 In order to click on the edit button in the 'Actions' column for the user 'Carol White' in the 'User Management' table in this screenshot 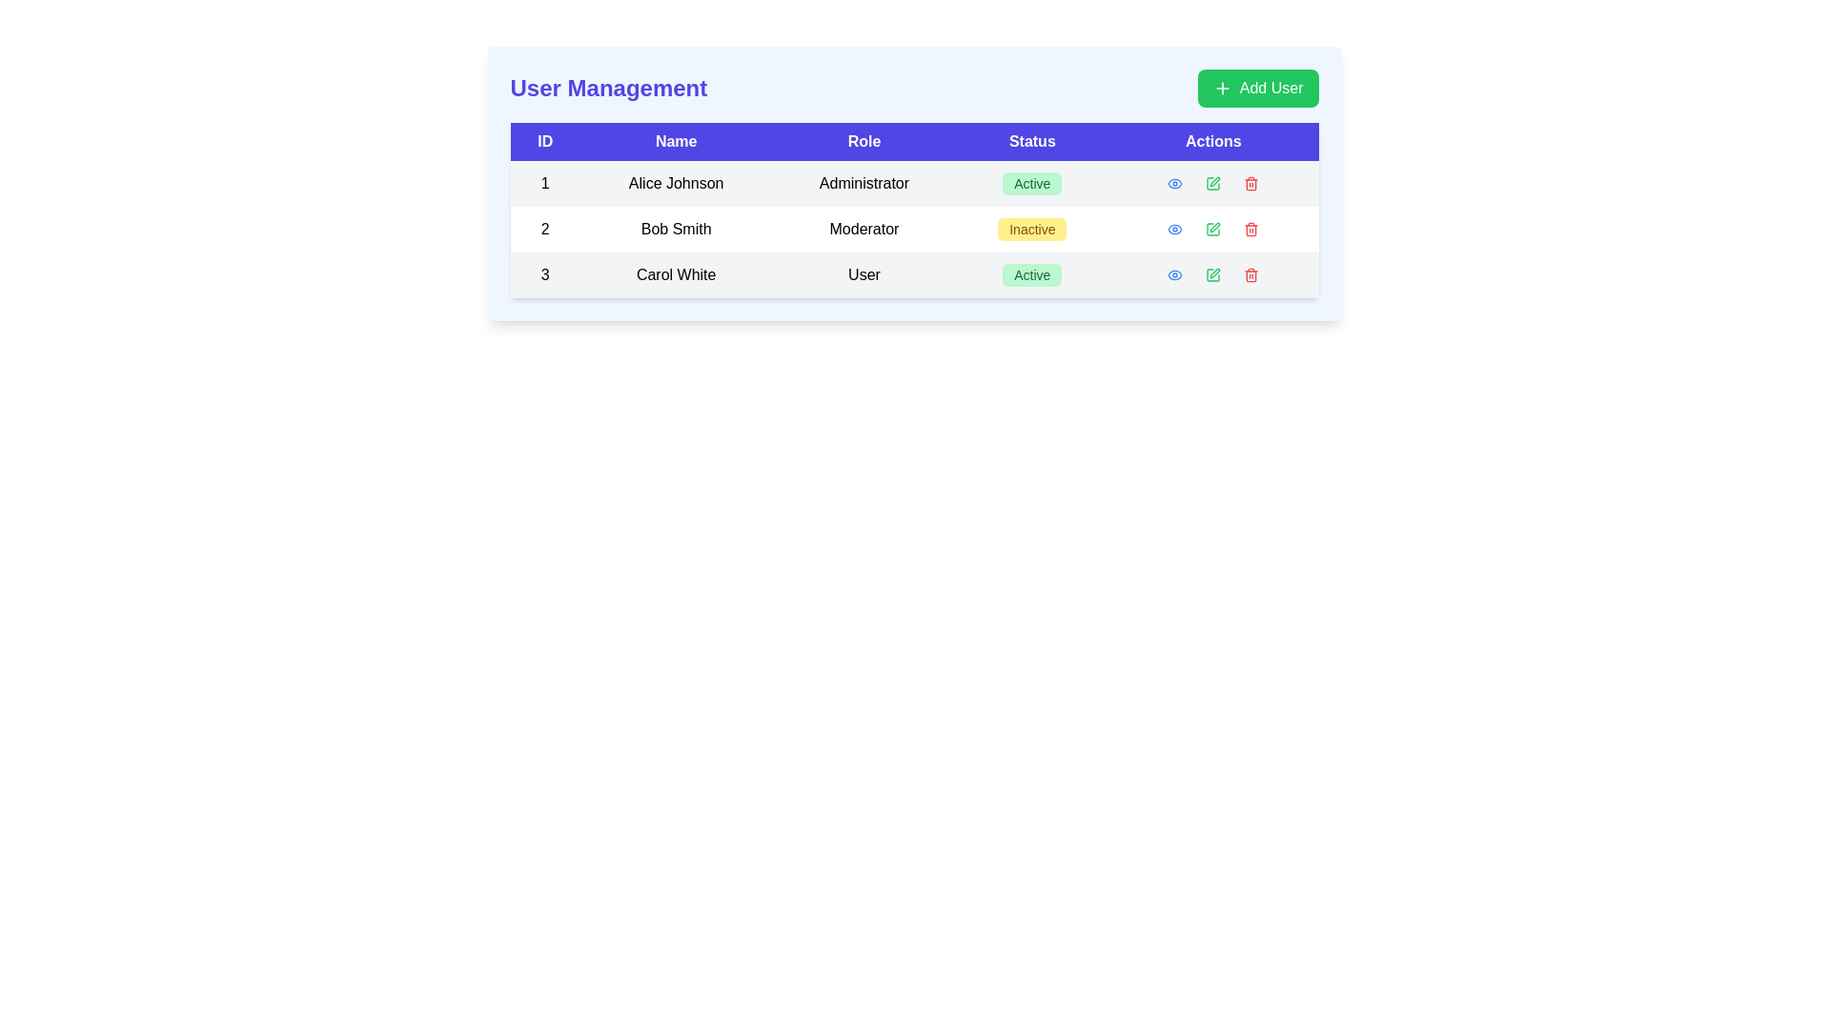, I will do `click(1212, 275)`.